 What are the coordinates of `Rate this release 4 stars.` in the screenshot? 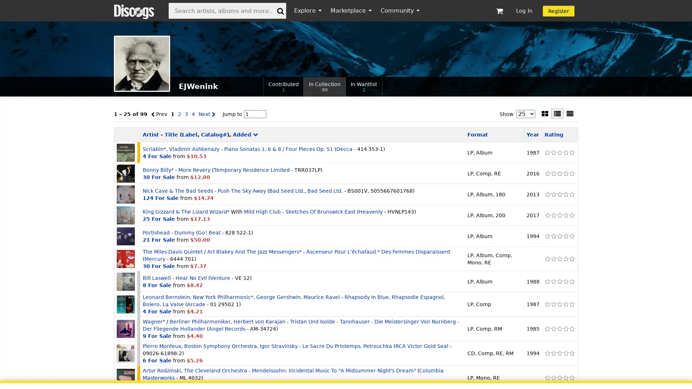 It's located at (565, 215).